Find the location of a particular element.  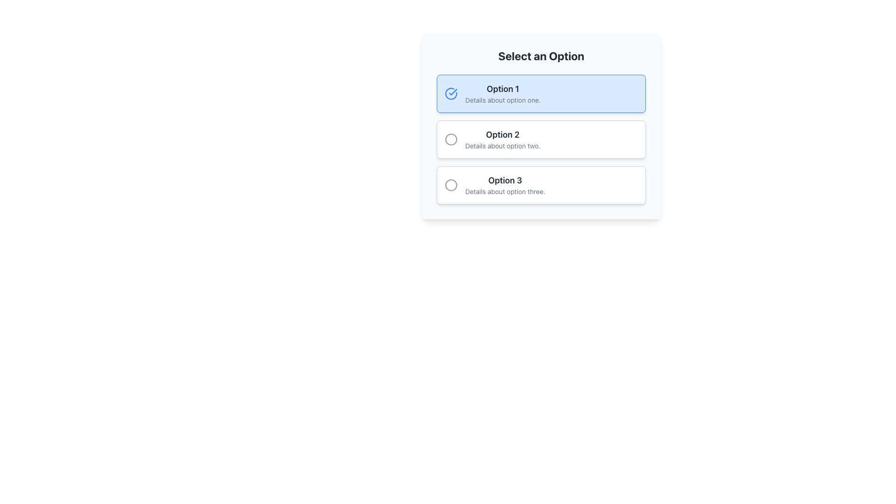

the informational text label located directly below the title 'Option 2' in the second option box is located at coordinates (502, 146).